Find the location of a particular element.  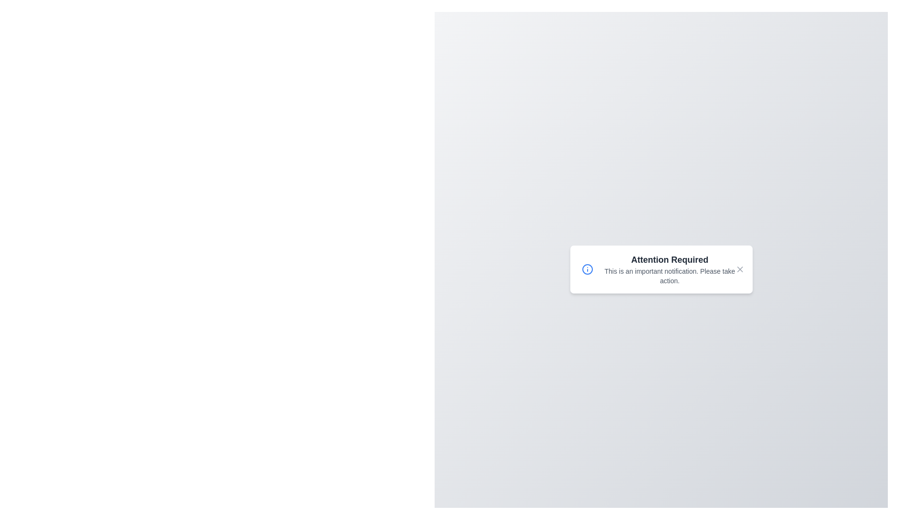

the close button to dismiss the alert is located at coordinates (739, 269).